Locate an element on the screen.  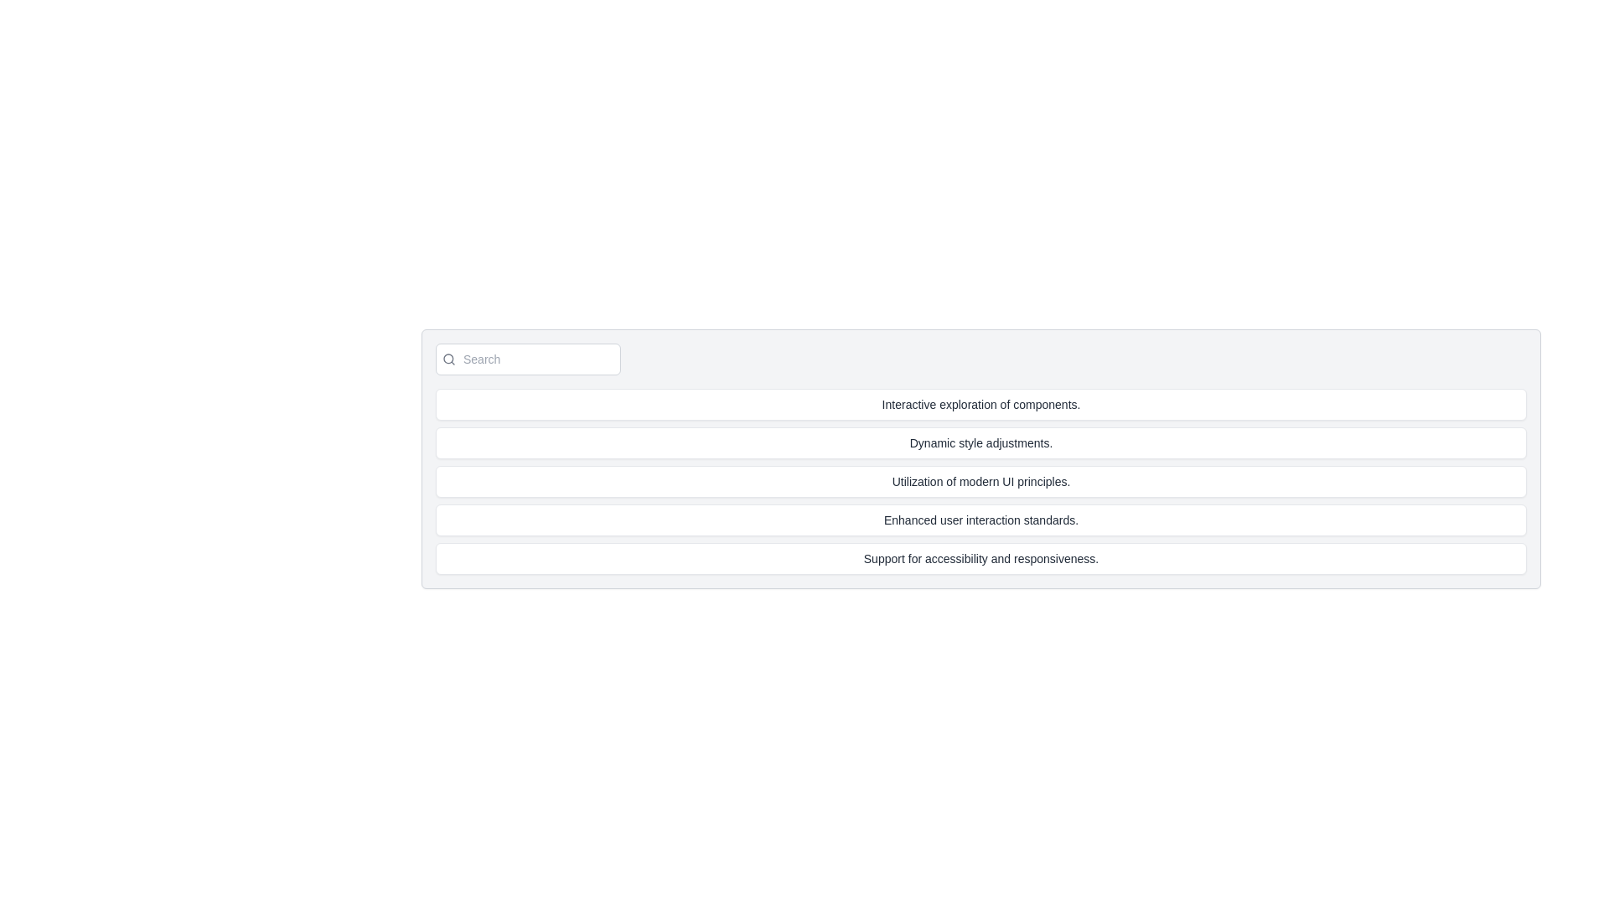
the lowercase letter 'n' in the word 'exploration' which is part of the sentence 'Interactive exploration of components.' is located at coordinates (993, 404).